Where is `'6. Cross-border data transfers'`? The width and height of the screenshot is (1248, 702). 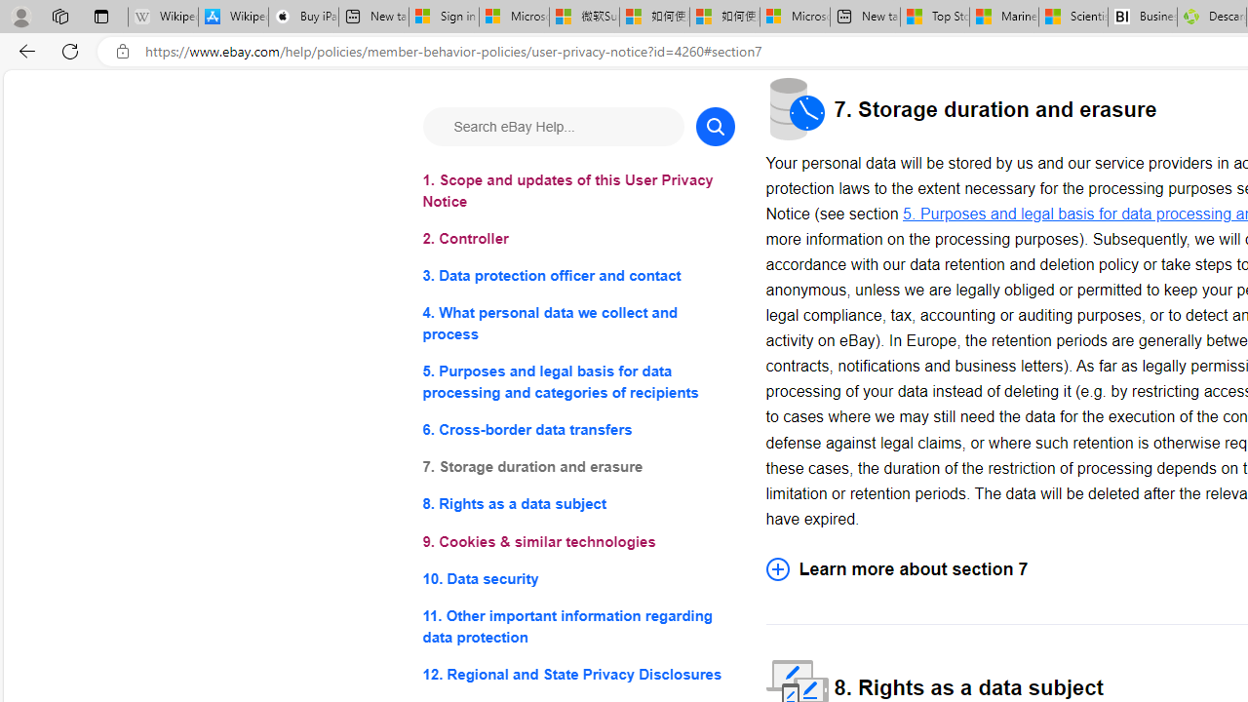
'6. Cross-border data transfers' is located at coordinates (577, 429).